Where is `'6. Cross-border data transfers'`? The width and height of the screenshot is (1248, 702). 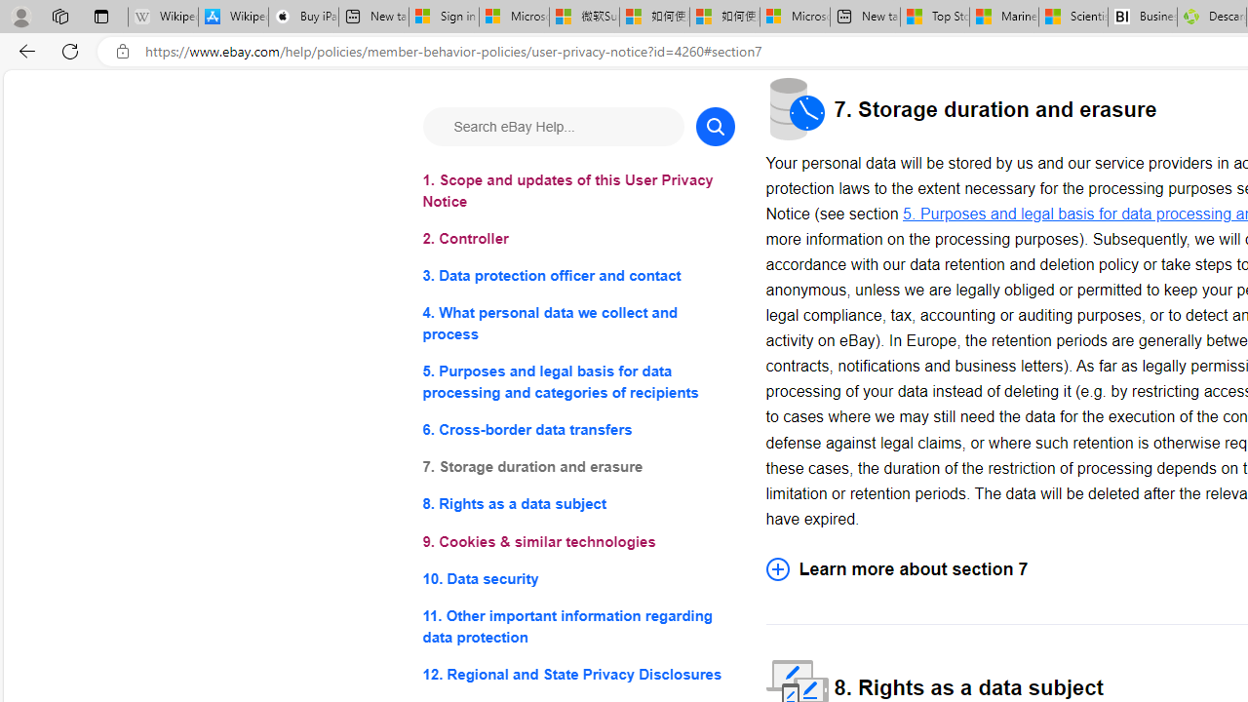
'6. Cross-border data transfers' is located at coordinates (577, 429).